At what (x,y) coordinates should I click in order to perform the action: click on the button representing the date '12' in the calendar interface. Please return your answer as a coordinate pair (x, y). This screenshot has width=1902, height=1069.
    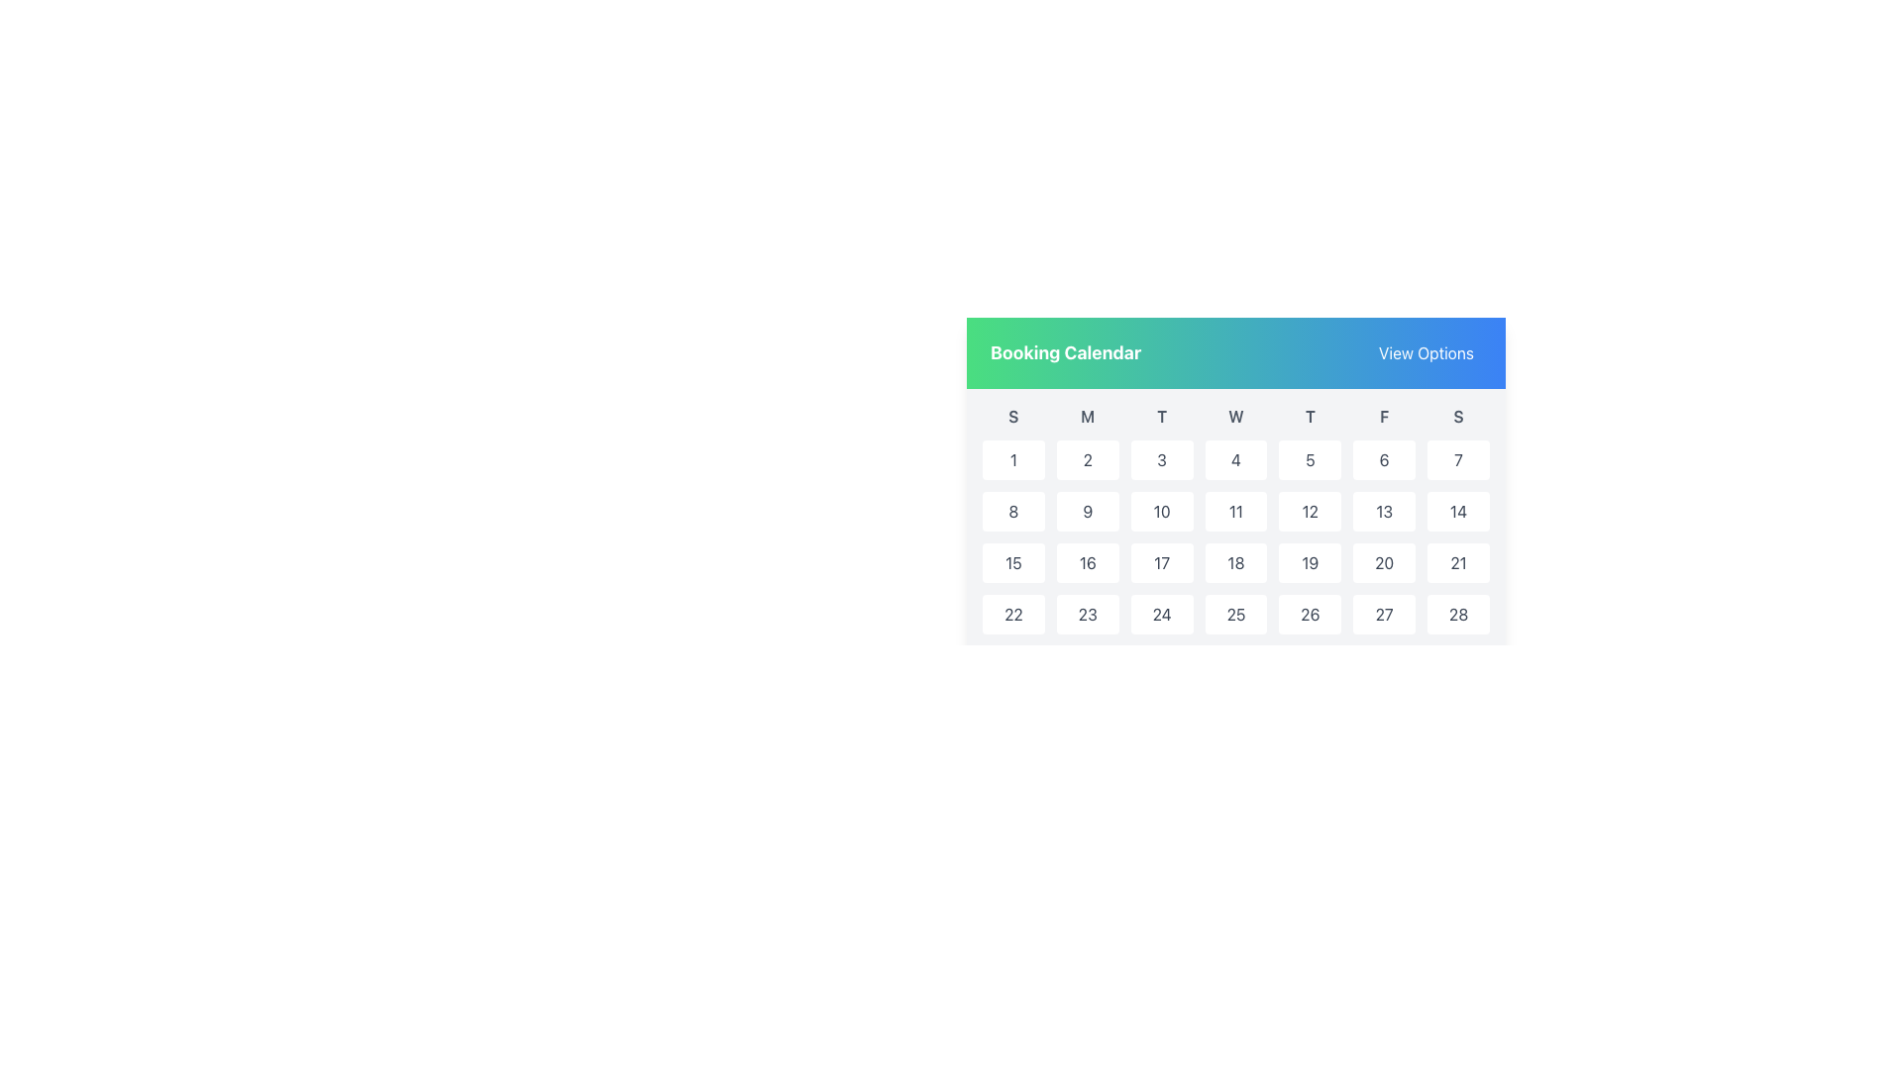
    Looking at the image, I should click on (1310, 510).